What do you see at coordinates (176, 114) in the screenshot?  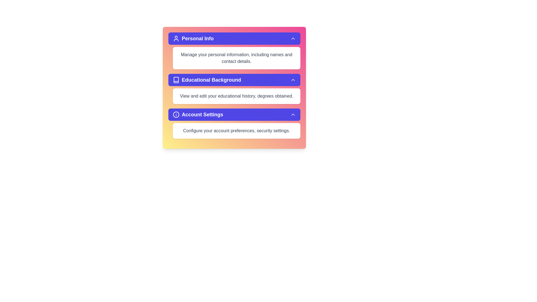 I see `the icon of the section labeled Account Settings` at bounding box center [176, 114].